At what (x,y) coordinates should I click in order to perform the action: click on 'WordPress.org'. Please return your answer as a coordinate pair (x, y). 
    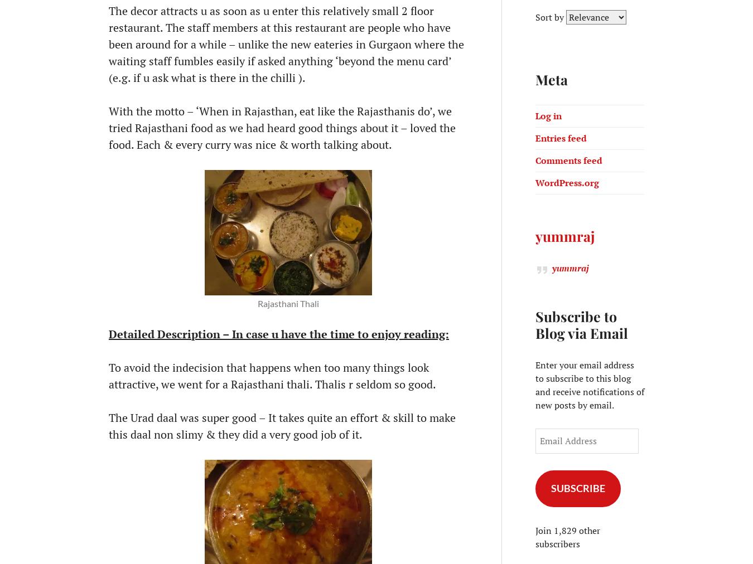
    Looking at the image, I should click on (567, 182).